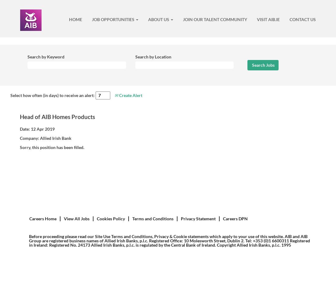 This screenshot has height=306, width=336. I want to click on 'Search by Keyword', so click(46, 57).